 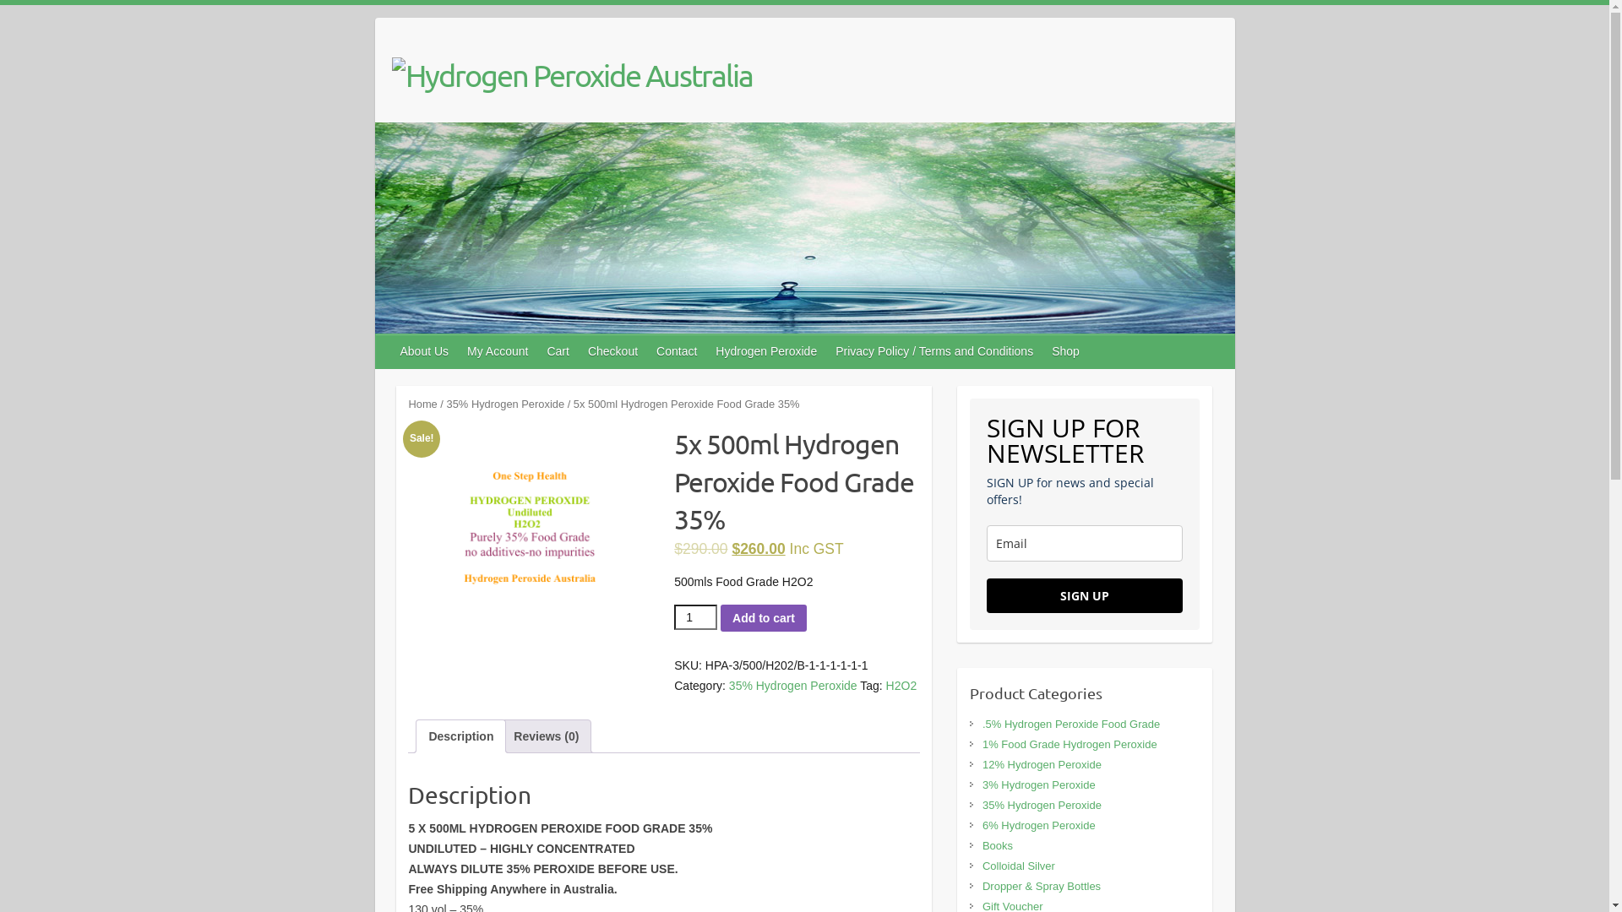 What do you see at coordinates (901, 686) in the screenshot?
I see `'H2O2'` at bounding box center [901, 686].